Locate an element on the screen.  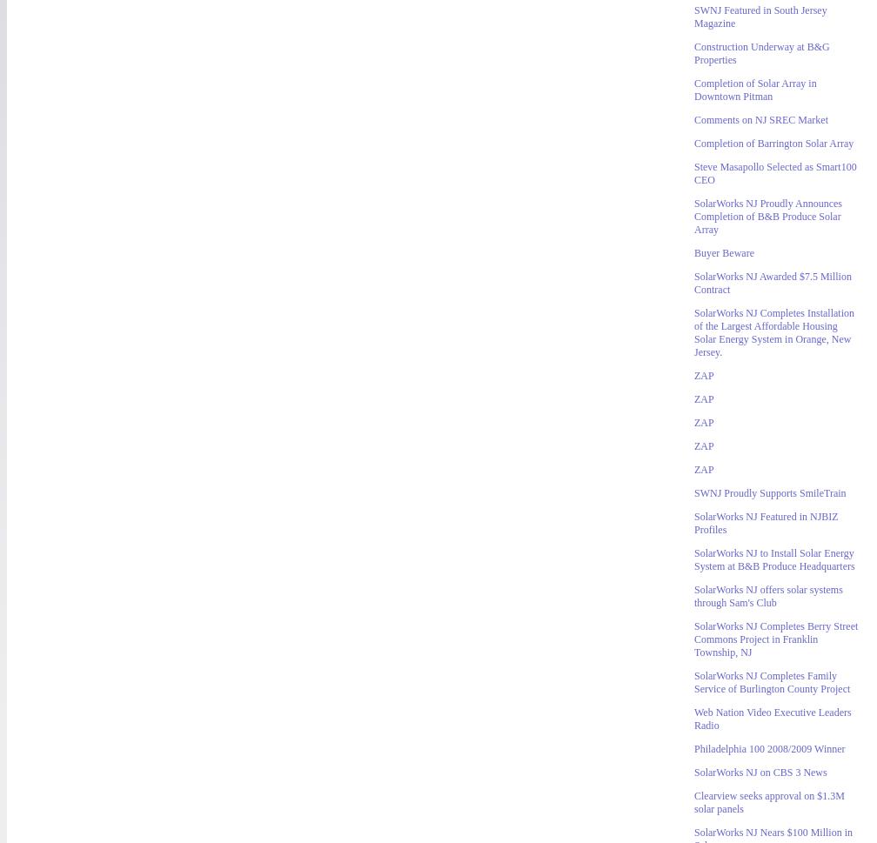
'Construction Underway at B&G Properties' is located at coordinates (694, 52).